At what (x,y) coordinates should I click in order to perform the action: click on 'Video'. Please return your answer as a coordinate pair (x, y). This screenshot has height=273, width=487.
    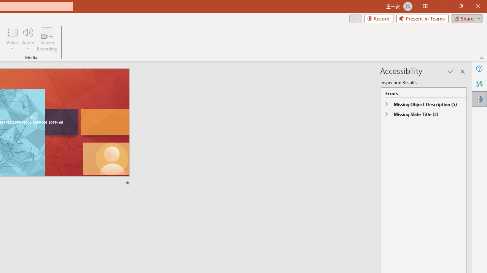
    Looking at the image, I should click on (12, 39).